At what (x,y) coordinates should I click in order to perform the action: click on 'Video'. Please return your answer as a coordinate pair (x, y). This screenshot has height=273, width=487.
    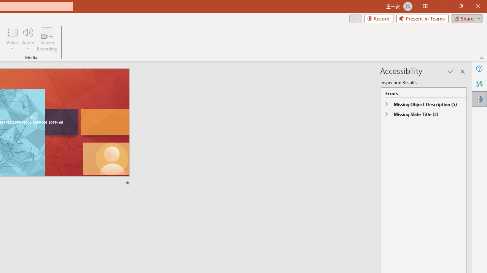
    Looking at the image, I should click on (12, 39).